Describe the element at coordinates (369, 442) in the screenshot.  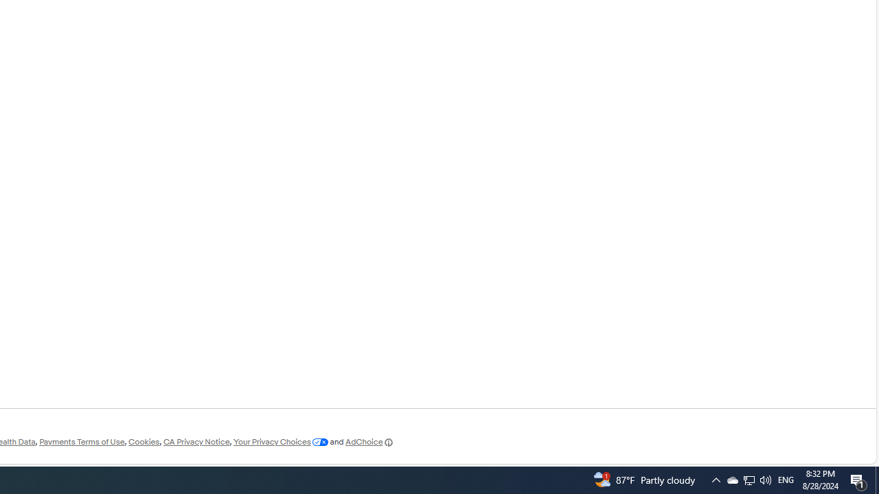
I see `'AdChoice'` at that location.